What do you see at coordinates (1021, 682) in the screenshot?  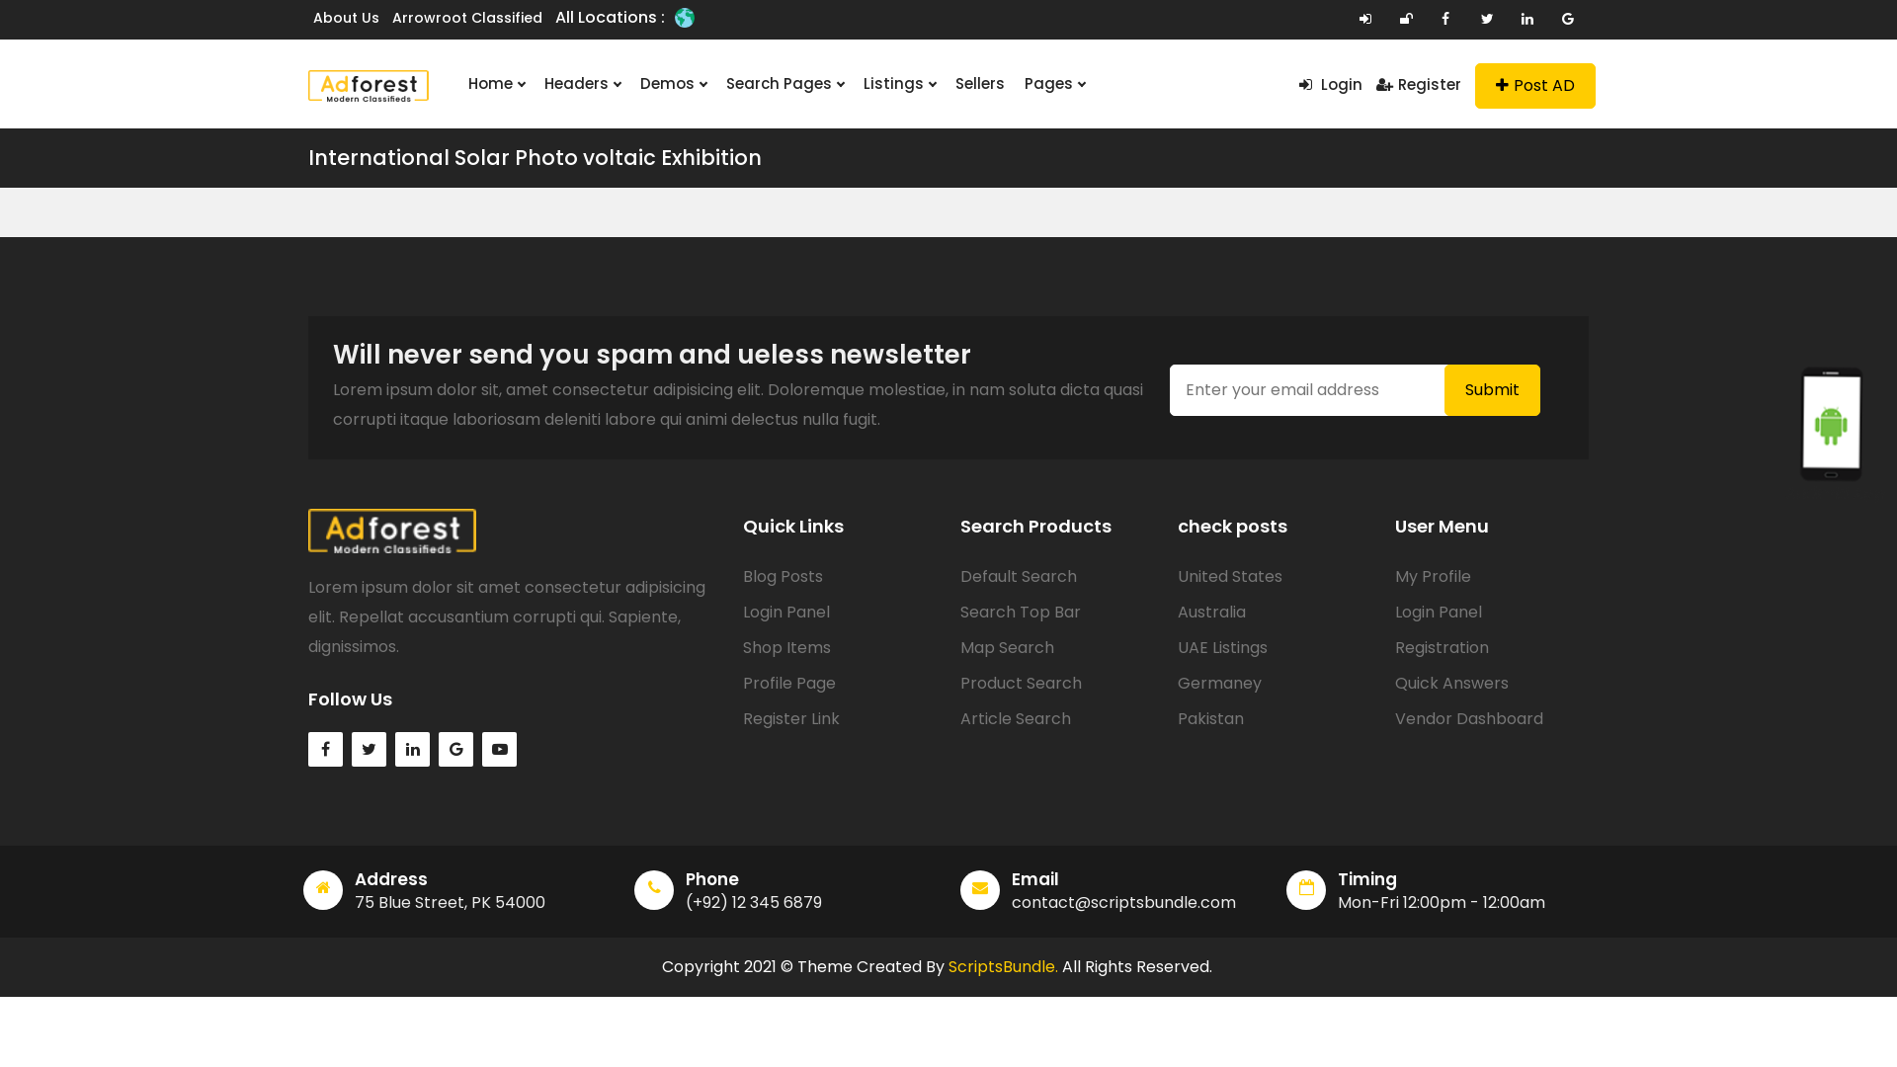 I see `'Product Search'` at bounding box center [1021, 682].